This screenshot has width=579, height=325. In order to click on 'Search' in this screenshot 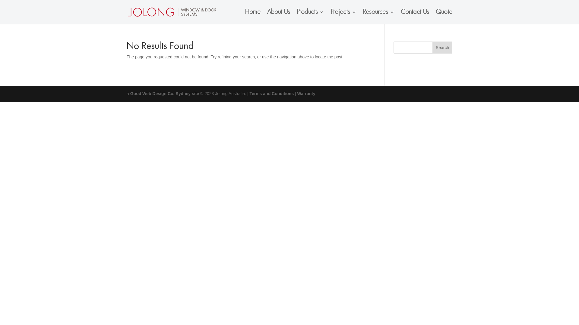, I will do `click(432, 47)`.